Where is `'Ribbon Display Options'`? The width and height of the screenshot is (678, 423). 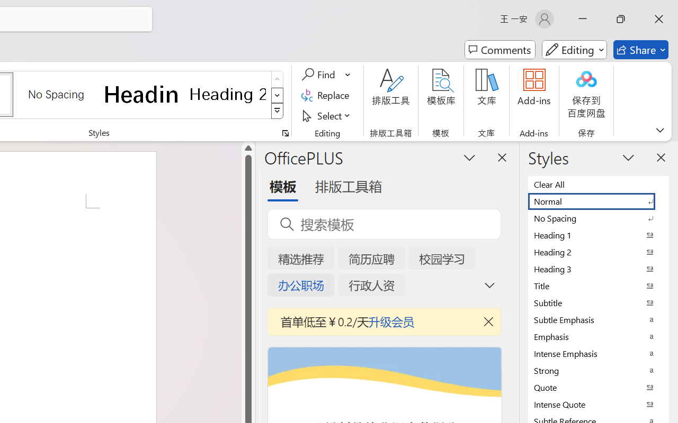 'Ribbon Display Options' is located at coordinates (659, 130).